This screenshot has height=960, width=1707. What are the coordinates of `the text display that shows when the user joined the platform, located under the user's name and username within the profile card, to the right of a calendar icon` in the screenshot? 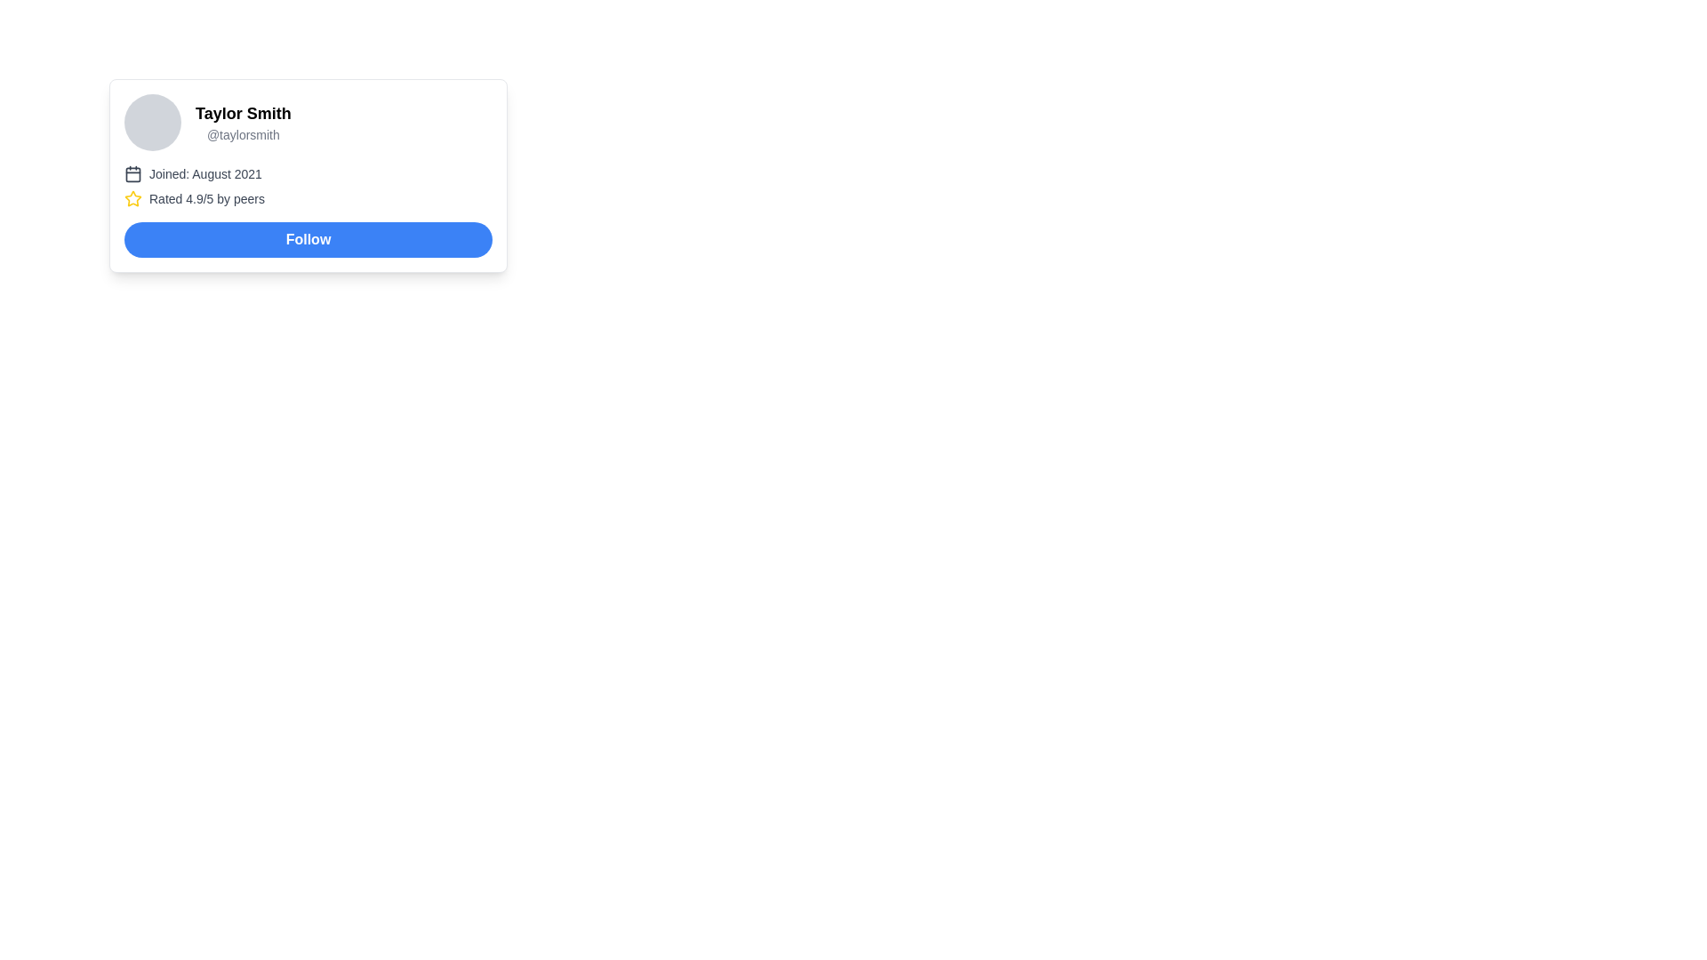 It's located at (205, 174).